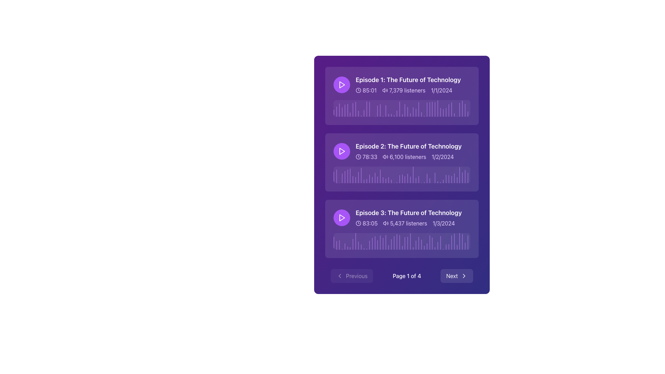 The image size is (665, 374). Describe the element at coordinates (408, 243) in the screenshot. I see `the narrow vertical bar representing the audio waveform segment, which is translucent purple and part of the waveform in the progress bar section of the 'Episode 3: The Future of Technology' card` at that location.